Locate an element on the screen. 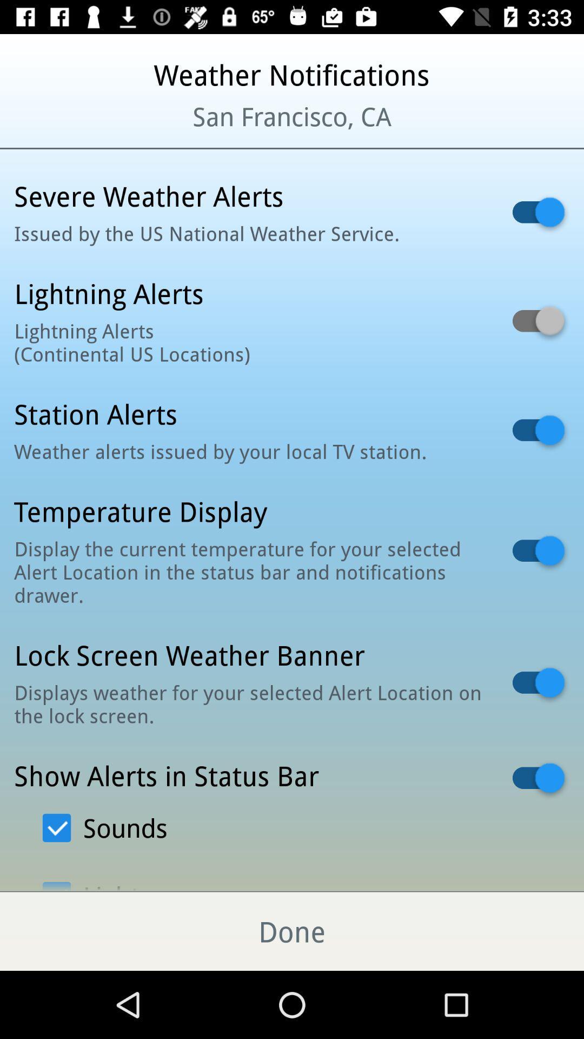 The width and height of the screenshot is (584, 1039). display the current icon is located at coordinates (249, 571).